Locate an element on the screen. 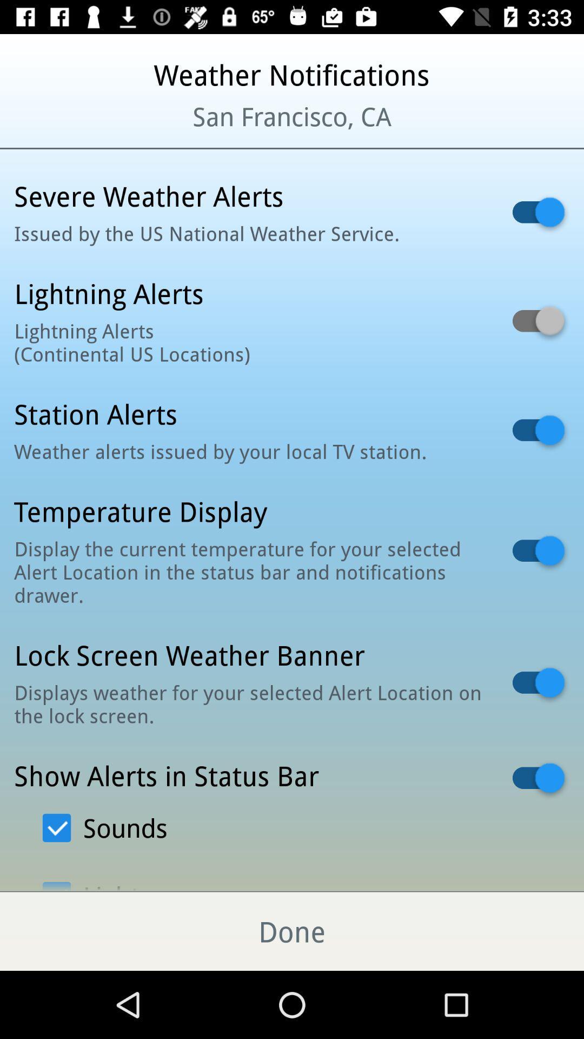 The width and height of the screenshot is (584, 1039). display the current icon is located at coordinates (249, 571).